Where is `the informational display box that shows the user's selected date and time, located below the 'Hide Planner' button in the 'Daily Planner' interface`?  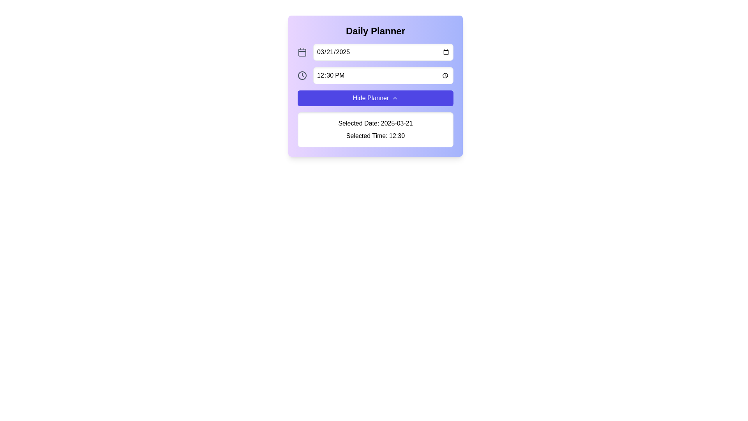
the informational display box that shows the user's selected date and time, located below the 'Hide Planner' button in the 'Daily Planner' interface is located at coordinates (376, 129).